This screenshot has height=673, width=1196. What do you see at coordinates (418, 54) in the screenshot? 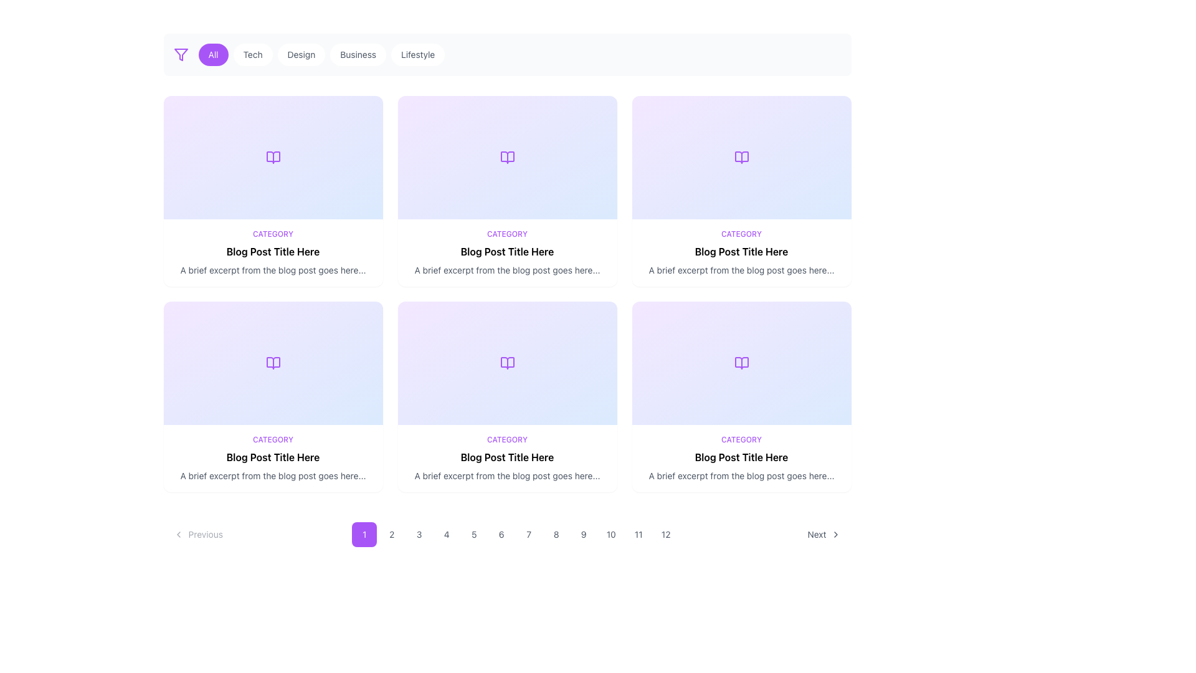
I see `the rounded rectangular button labeled 'Lifestyle' with gray text` at bounding box center [418, 54].